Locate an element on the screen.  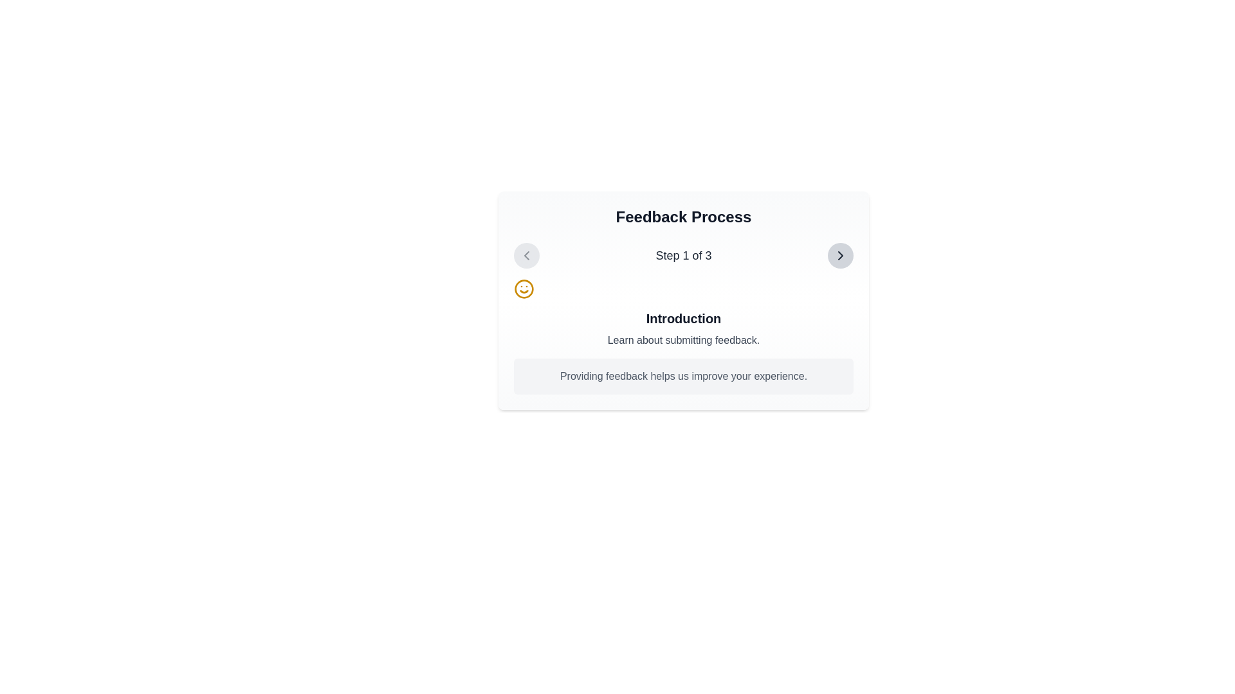
the circular gray button with a right-facing chevron icon located at the right end of the navigation controls is located at coordinates (840, 255).